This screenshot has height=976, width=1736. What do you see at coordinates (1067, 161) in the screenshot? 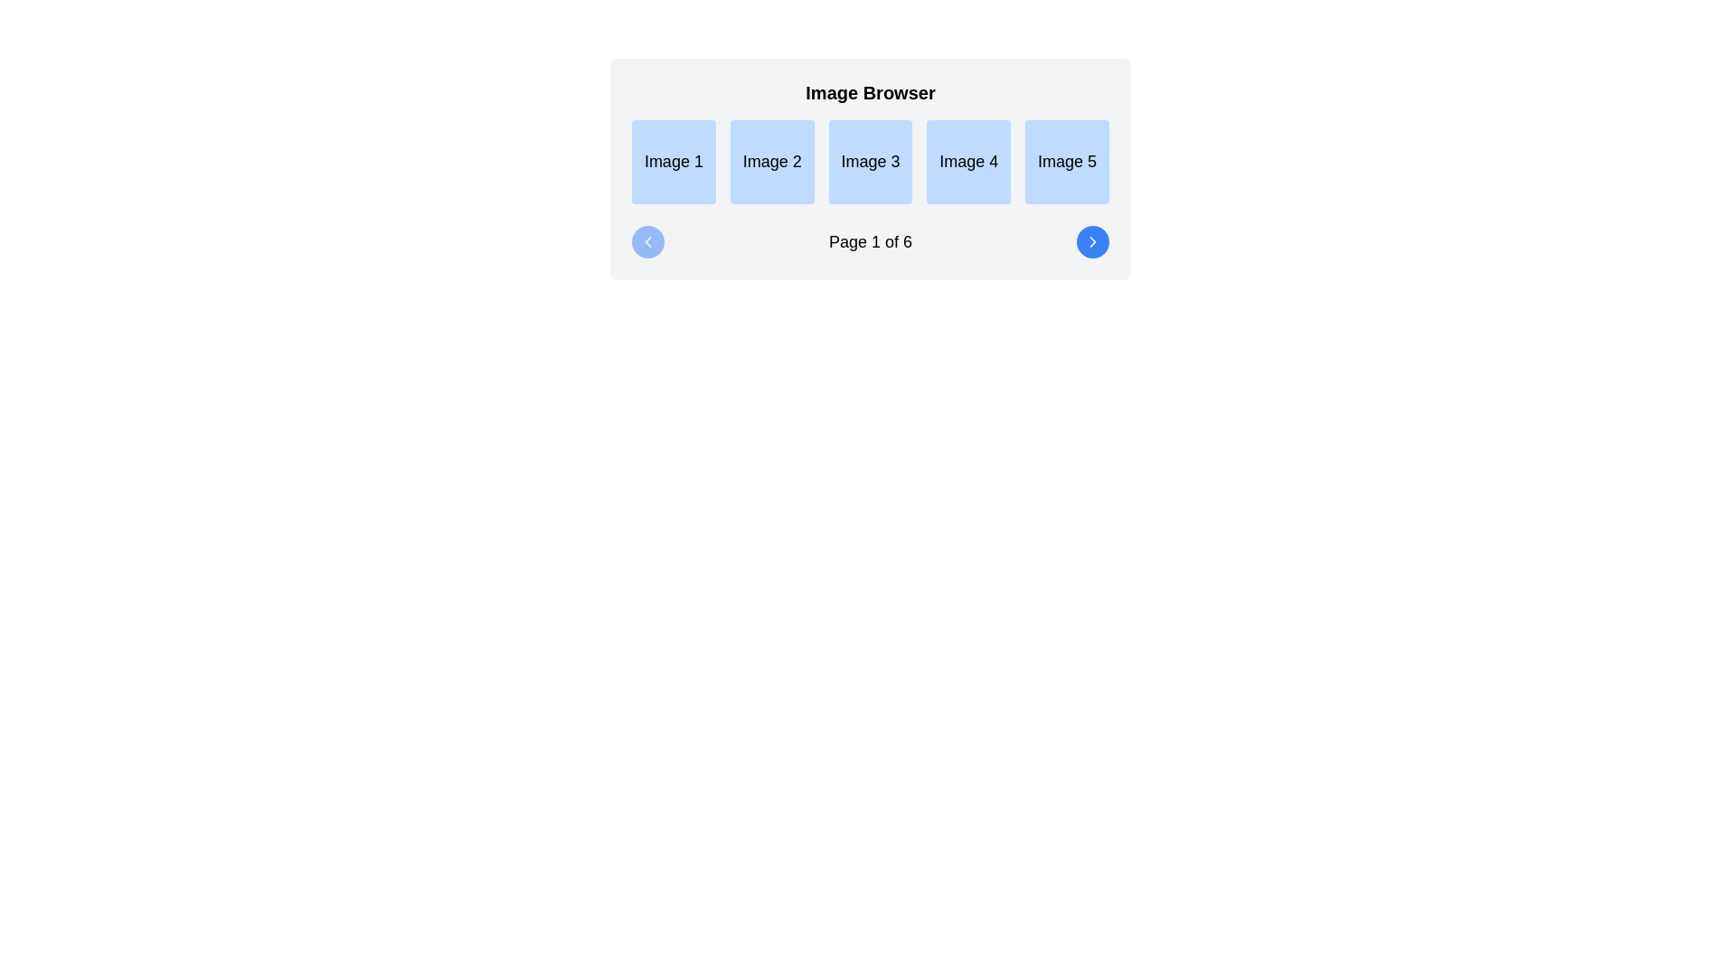
I see `the square button with rounded corners and a light blue background labeled 'Image 5' located in the top-right corner of the grid` at bounding box center [1067, 161].